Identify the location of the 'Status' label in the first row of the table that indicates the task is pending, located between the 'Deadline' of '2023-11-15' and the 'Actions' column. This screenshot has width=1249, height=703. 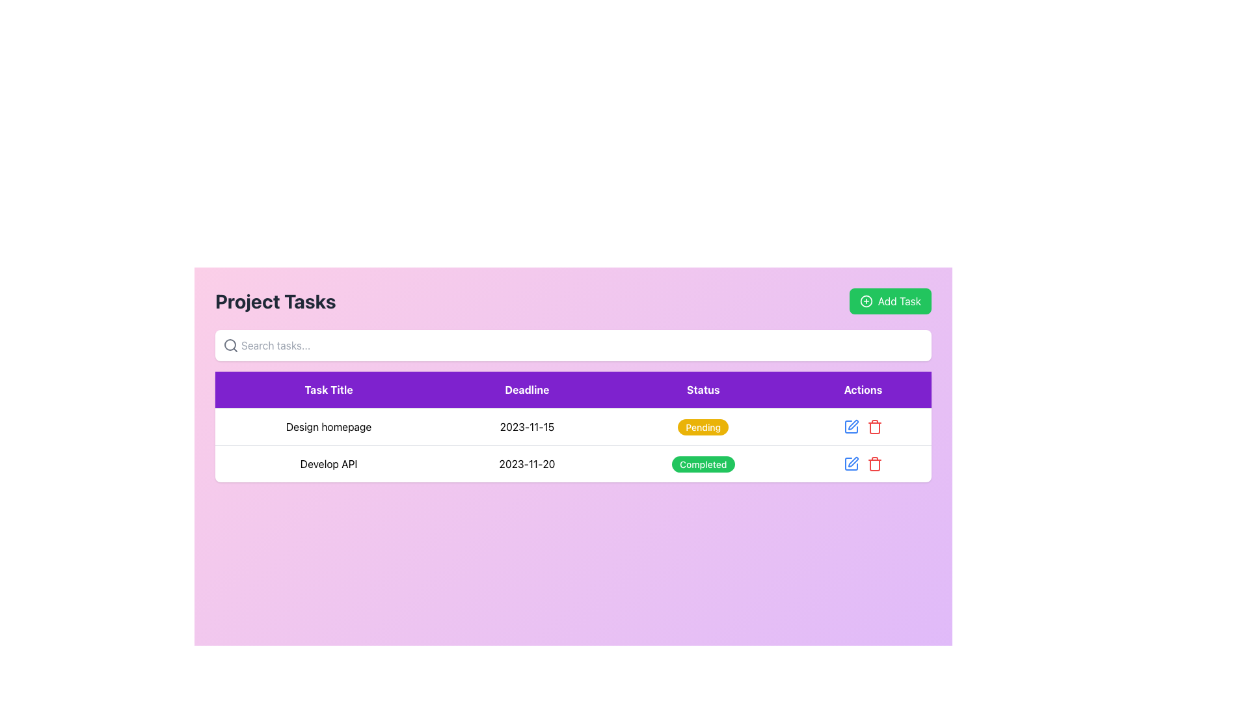
(703, 426).